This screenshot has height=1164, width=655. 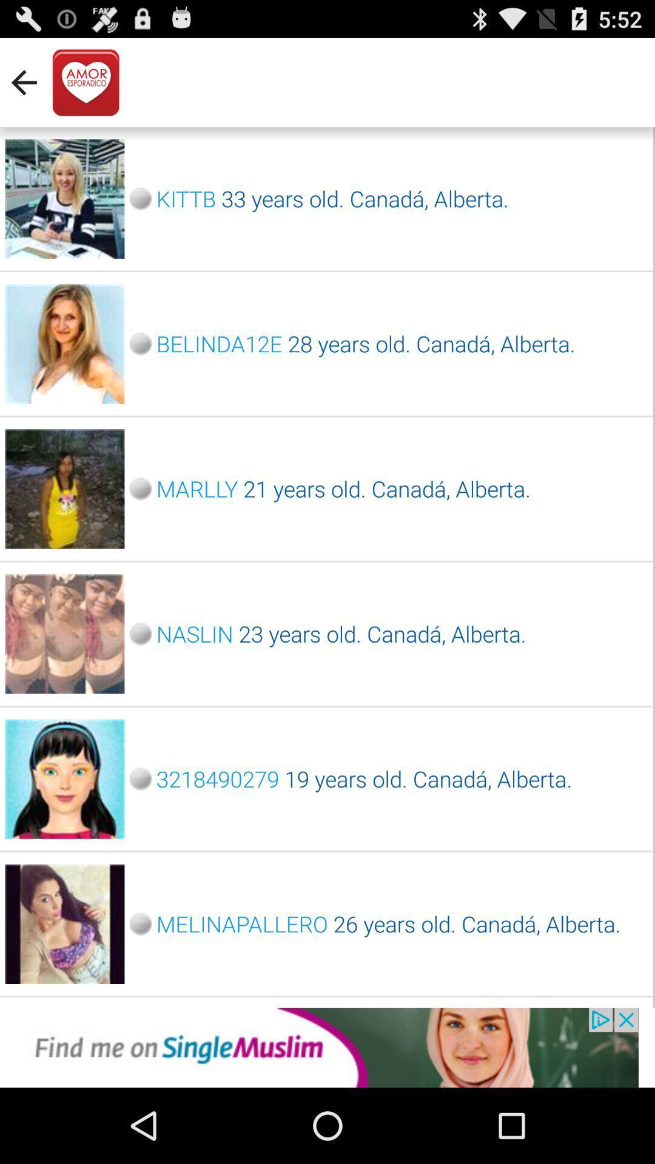 What do you see at coordinates (327, 1047) in the screenshot?
I see `open advert` at bounding box center [327, 1047].